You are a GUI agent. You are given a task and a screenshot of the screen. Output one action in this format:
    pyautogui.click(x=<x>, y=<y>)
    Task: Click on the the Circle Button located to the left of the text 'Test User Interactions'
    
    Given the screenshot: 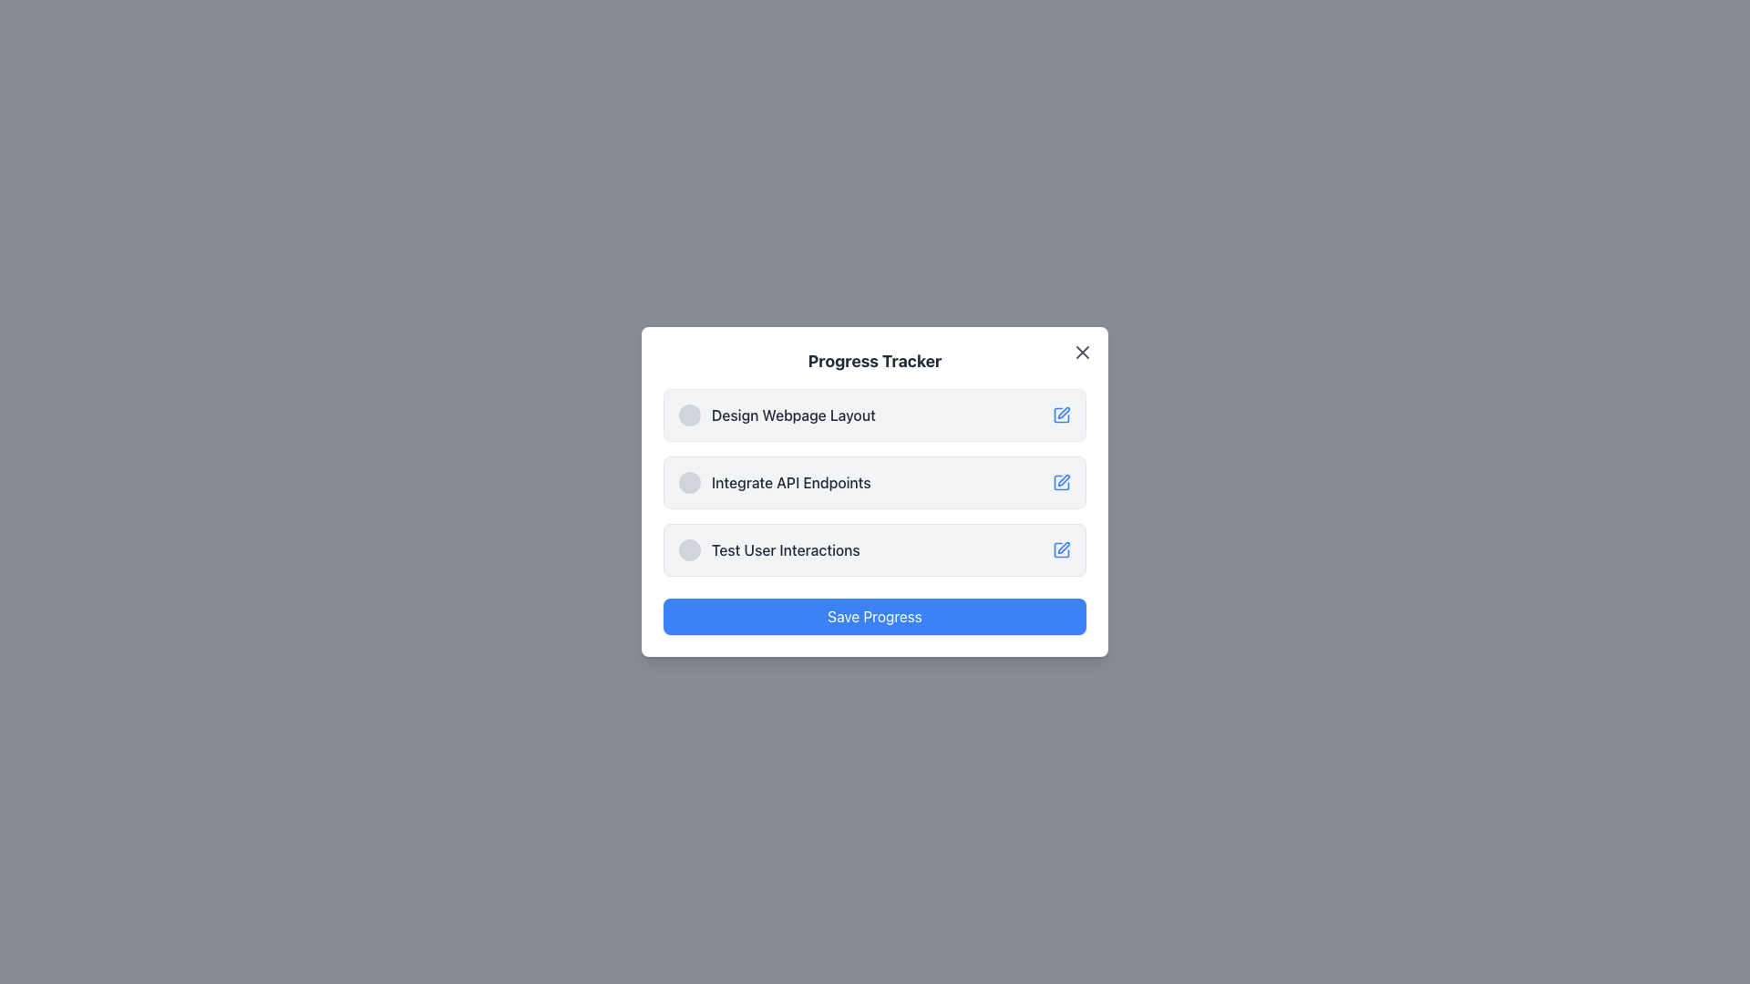 What is the action you would take?
    pyautogui.click(x=689, y=549)
    